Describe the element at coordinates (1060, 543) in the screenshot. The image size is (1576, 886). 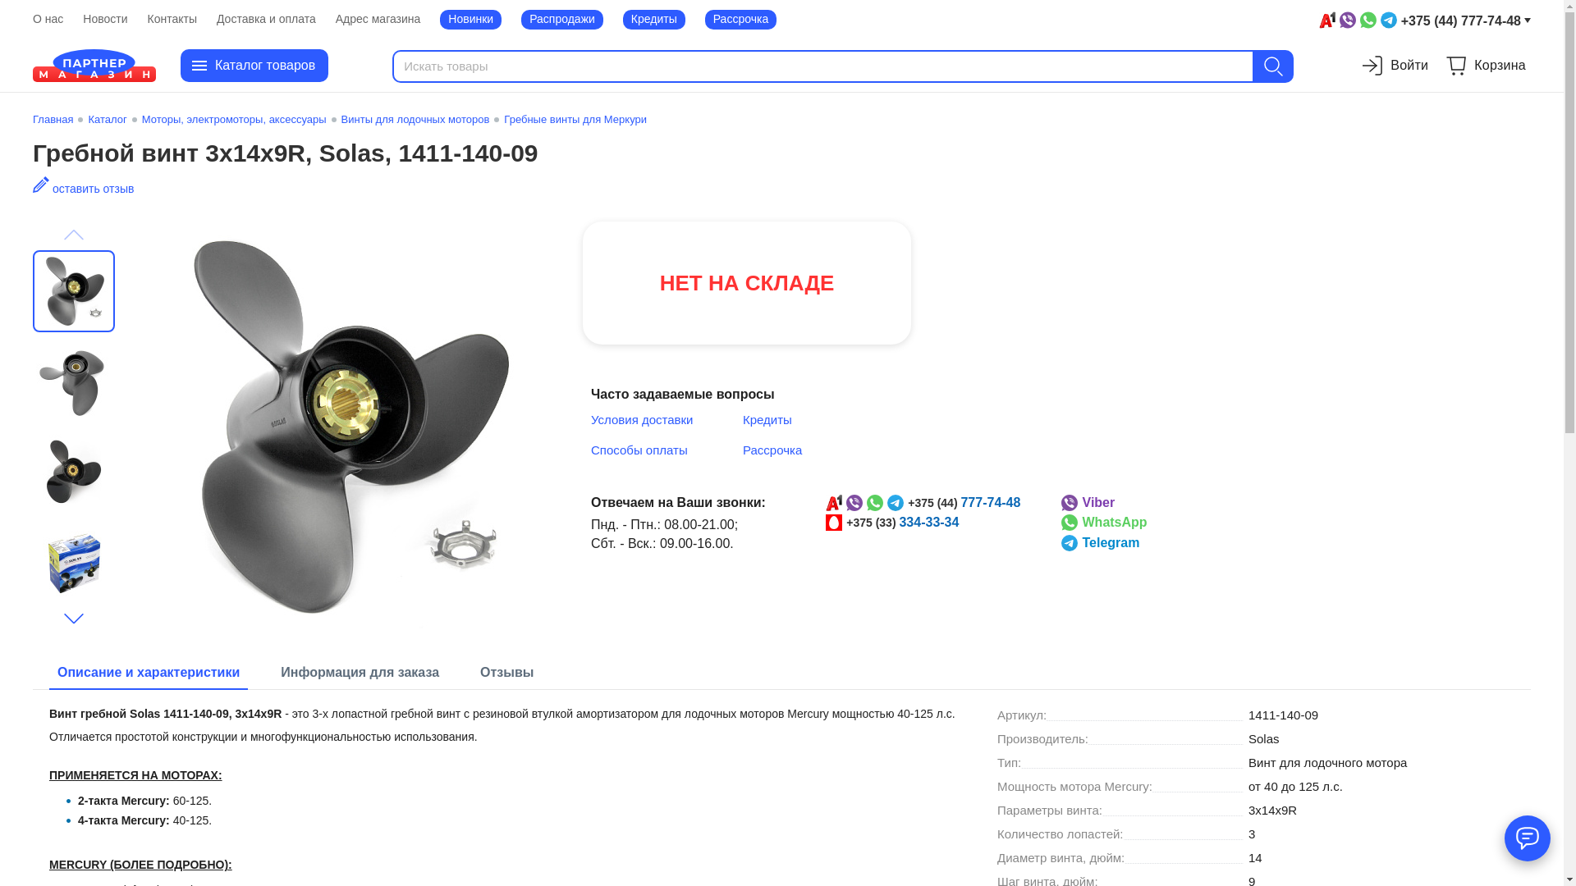
I see `'Telegram'` at that location.